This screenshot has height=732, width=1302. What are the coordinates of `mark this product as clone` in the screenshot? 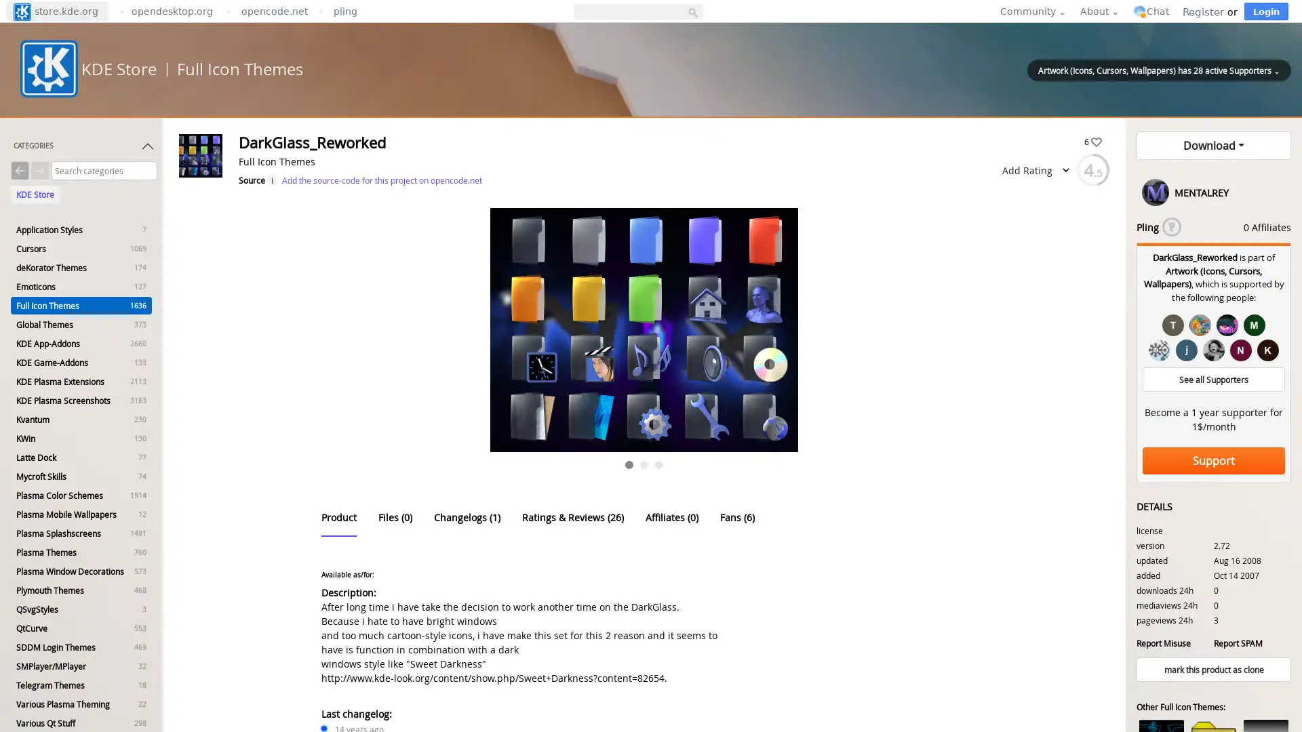 It's located at (1214, 668).